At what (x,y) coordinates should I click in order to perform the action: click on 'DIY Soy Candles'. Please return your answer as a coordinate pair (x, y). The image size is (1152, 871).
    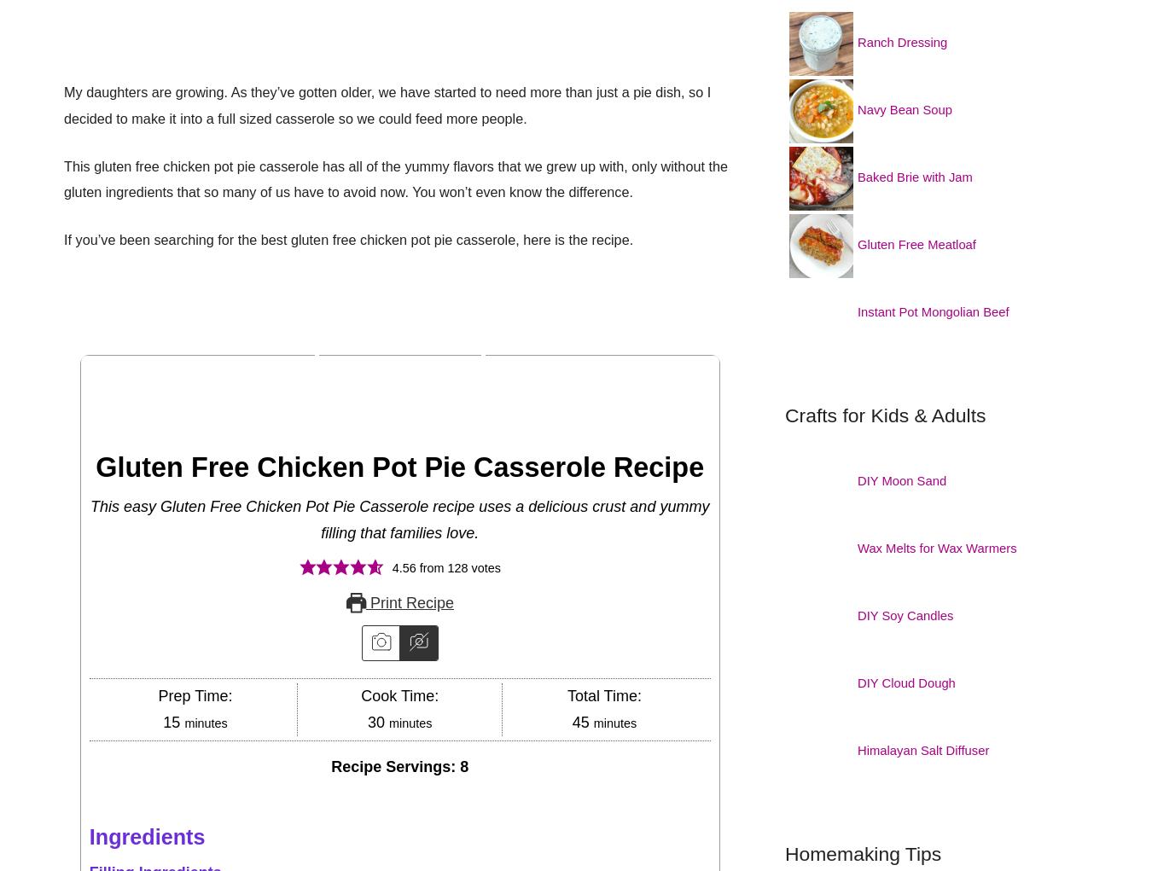
    Looking at the image, I should click on (909, 614).